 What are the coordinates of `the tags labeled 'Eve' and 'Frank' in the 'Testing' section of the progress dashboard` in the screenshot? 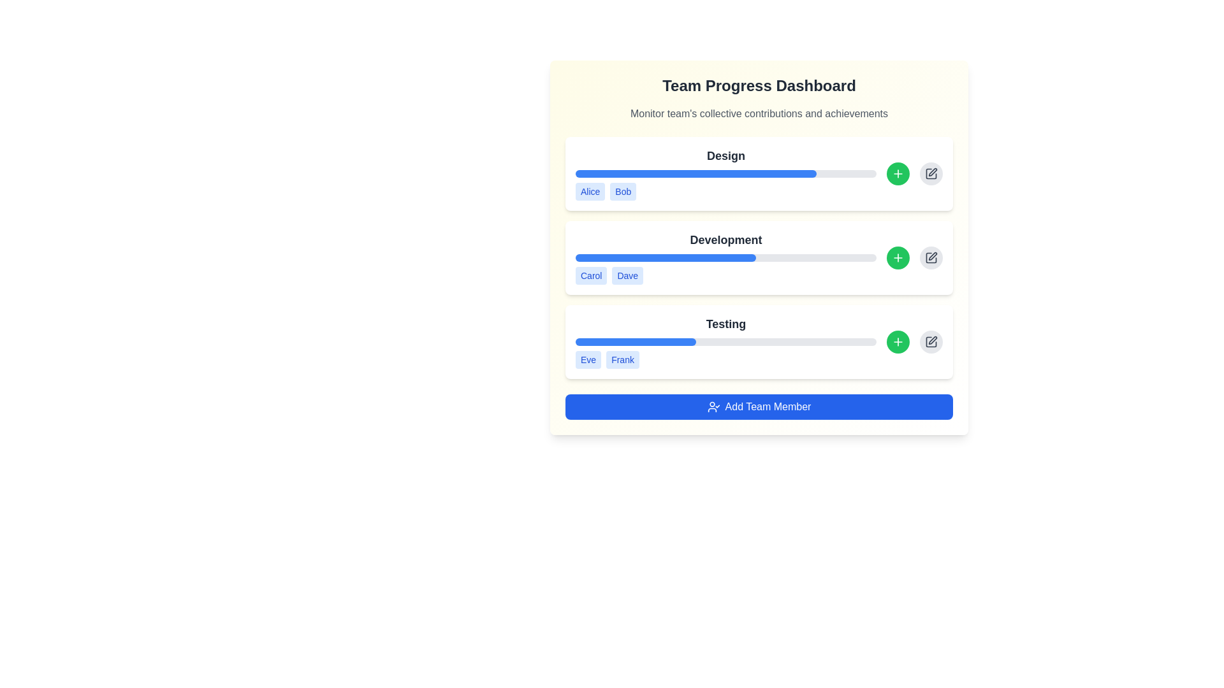 It's located at (759, 341).